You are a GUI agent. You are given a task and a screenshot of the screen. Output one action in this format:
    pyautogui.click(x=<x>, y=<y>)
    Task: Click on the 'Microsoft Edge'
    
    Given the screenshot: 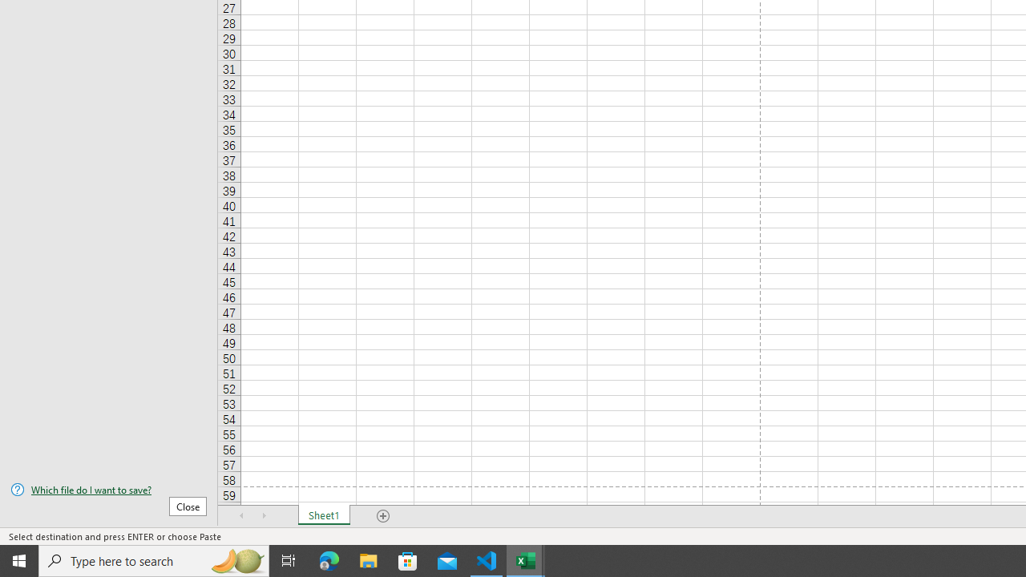 What is the action you would take?
    pyautogui.click(x=329, y=559)
    